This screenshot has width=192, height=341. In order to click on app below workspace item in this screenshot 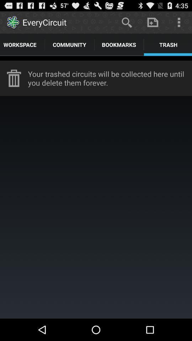, I will do `click(96, 58)`.